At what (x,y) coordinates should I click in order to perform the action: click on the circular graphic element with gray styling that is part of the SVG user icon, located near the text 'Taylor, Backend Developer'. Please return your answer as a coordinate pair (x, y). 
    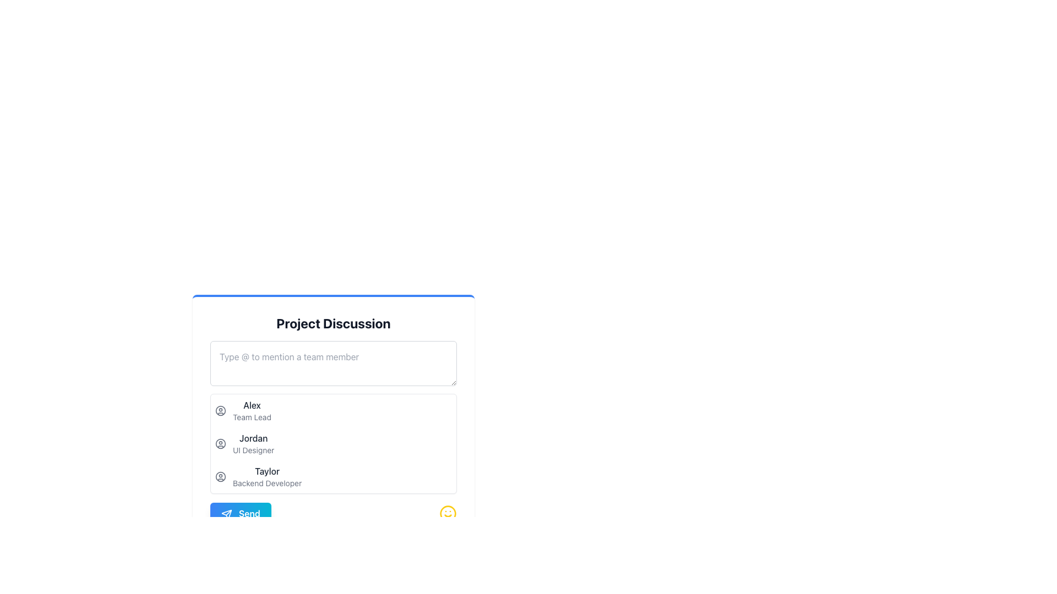
    Looking at the image, I should click on (220, 476).